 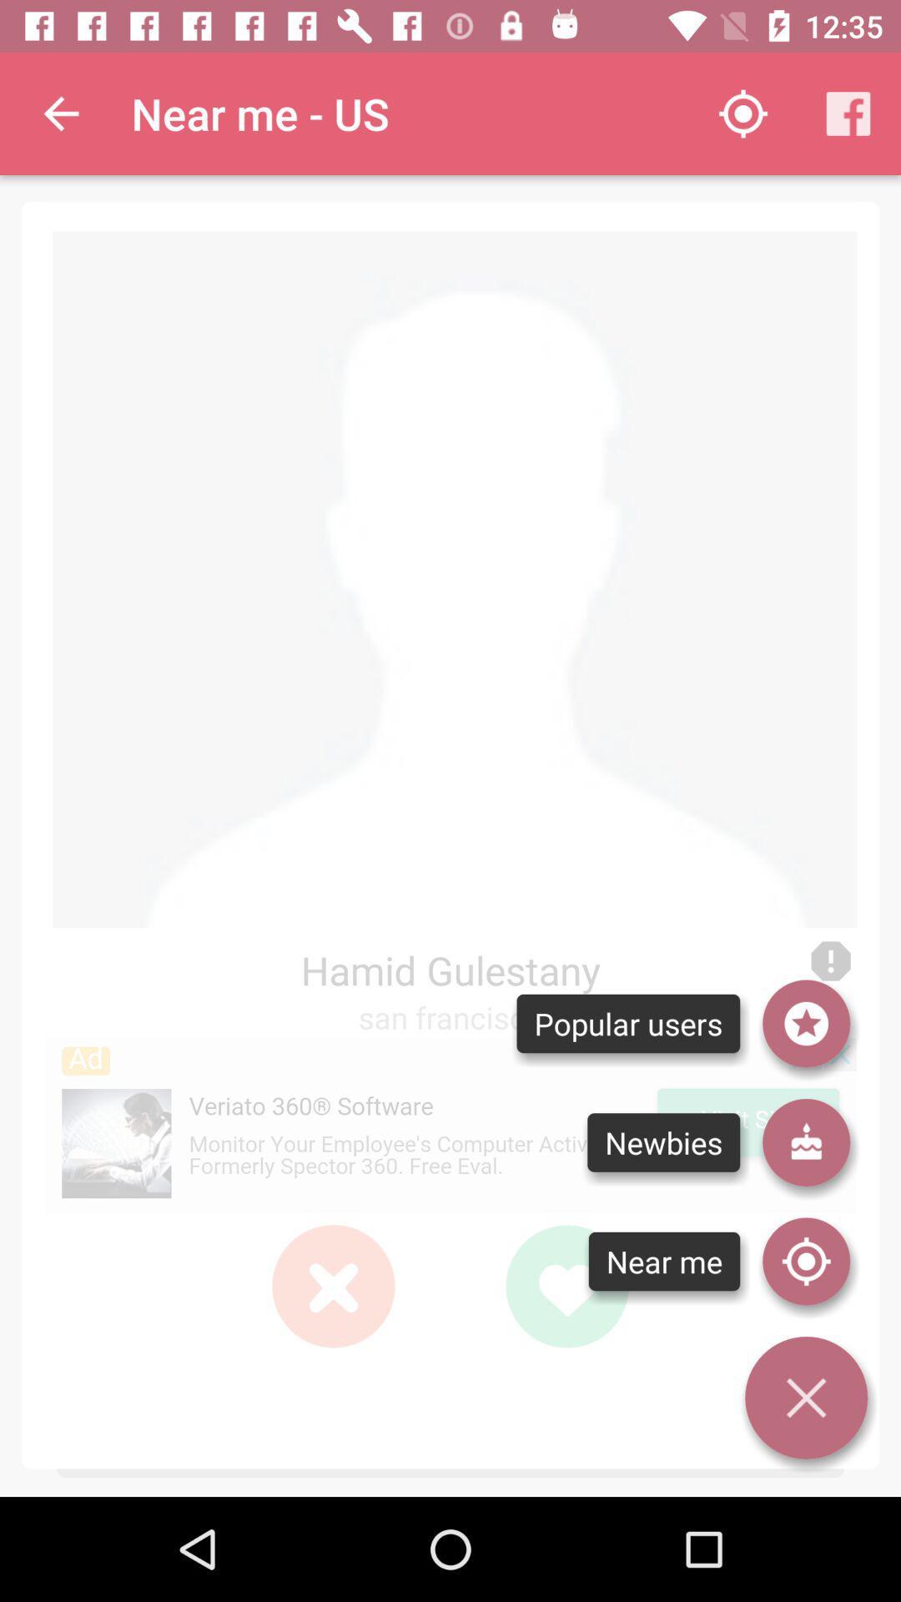 I want to click on the newbies option which is below popular users and above near me, so click(x=662, y=1141).